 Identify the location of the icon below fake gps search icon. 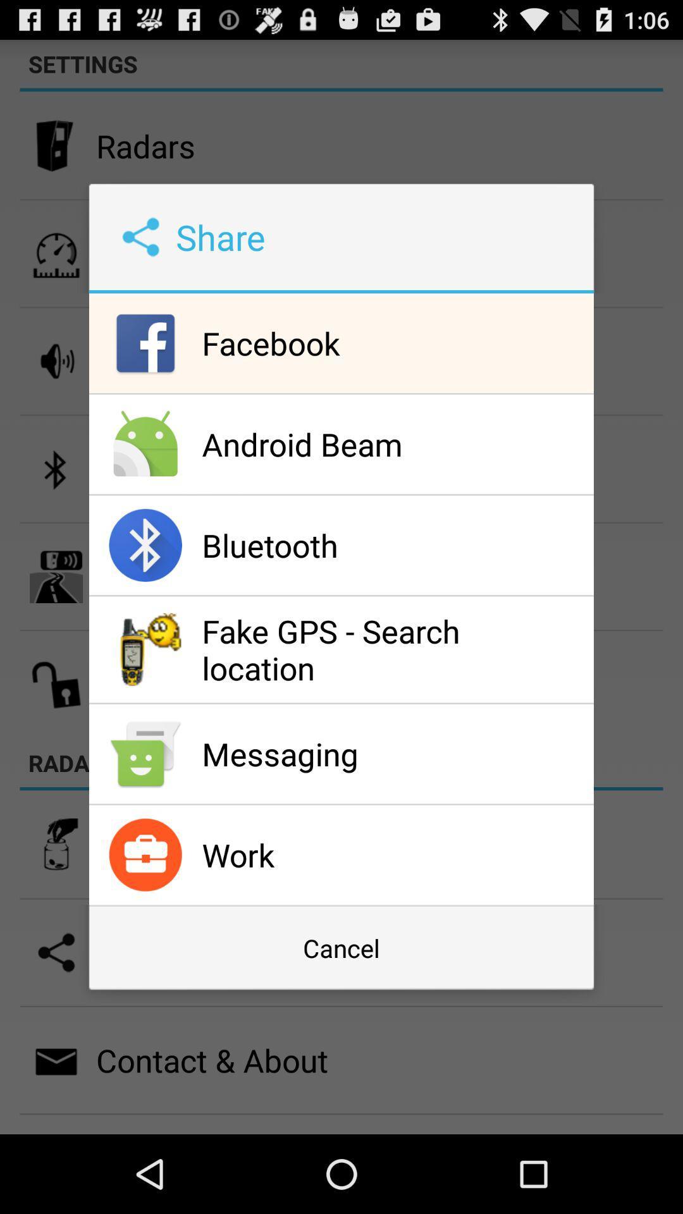
(394, 754).